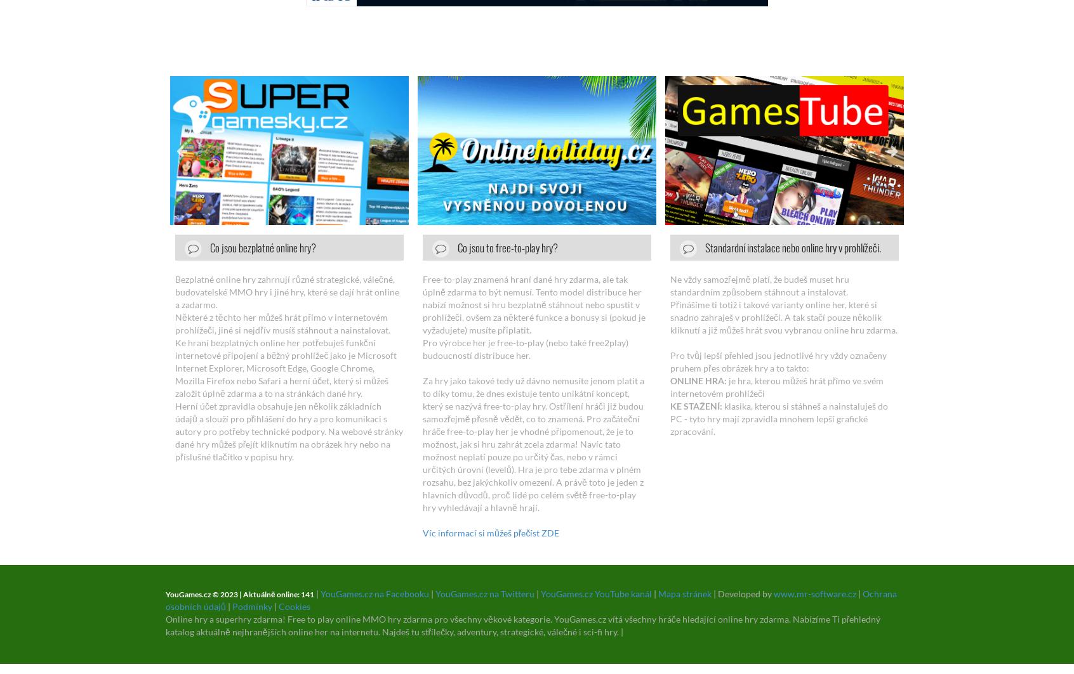 The height and width of the screenshot is (674, 1074). What do you see at coordinates (684, 593) in the screenshot?
I see `'Mapa stránek'` at bounding box center [684, 593].